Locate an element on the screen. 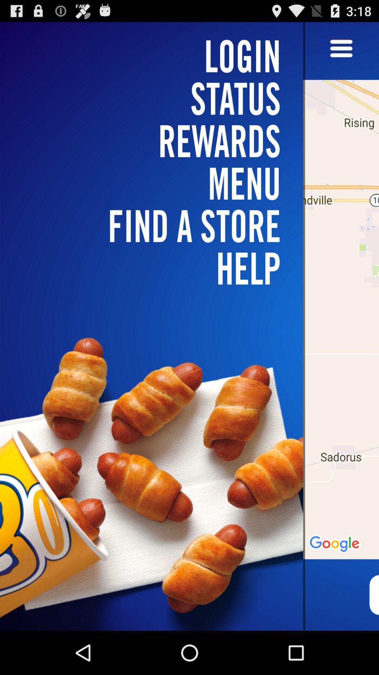  item above find a store icon is located at coordinates (155, 141).